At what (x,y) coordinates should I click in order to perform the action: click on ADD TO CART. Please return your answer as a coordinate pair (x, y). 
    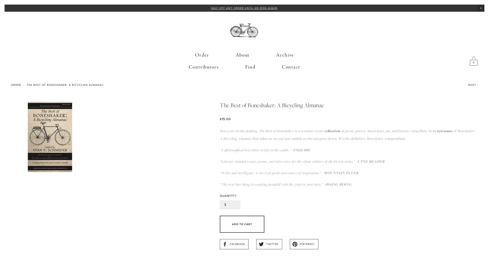
    Looking at the image, I should click on (242, 216).